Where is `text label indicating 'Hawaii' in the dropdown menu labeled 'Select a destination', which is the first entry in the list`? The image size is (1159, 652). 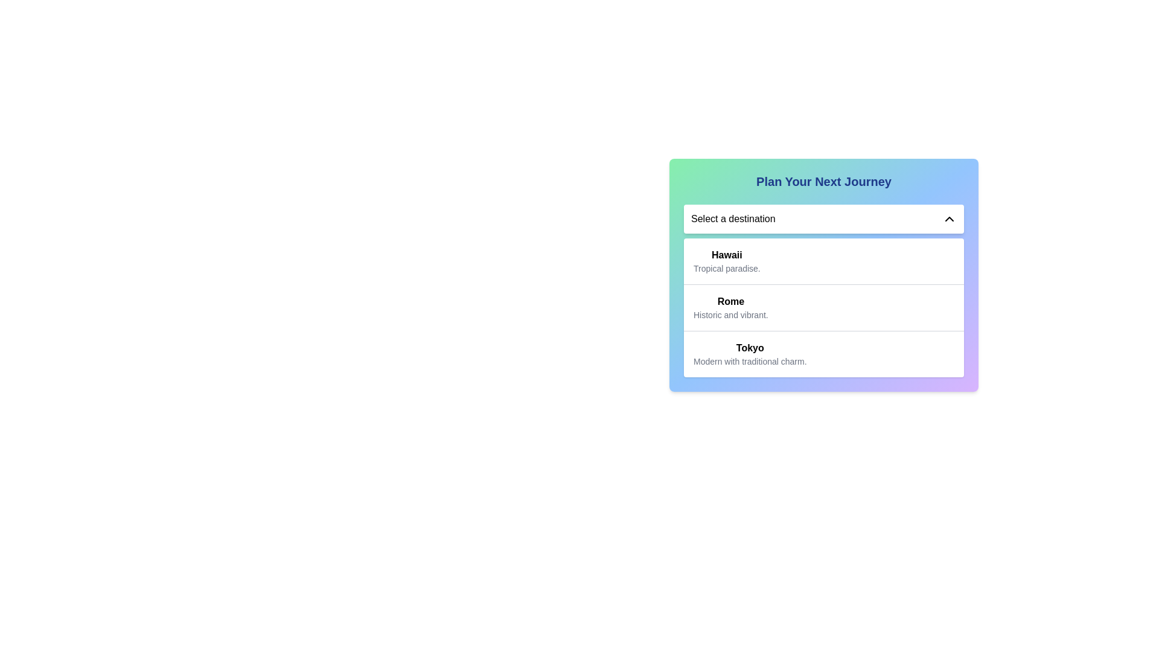 text label indicating 'Hawaii' in the dropdown menu labeled 'Select a destination', which is the first entry in the list is located at coordinates (726, 255).